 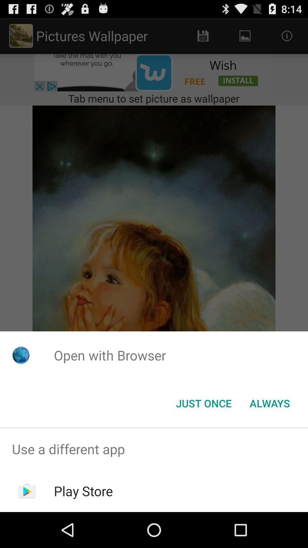 What do you see at coordinates (203, 403) in the screenshot?
I see `the icon to the left of the always item` at bounding box center [203, 403].